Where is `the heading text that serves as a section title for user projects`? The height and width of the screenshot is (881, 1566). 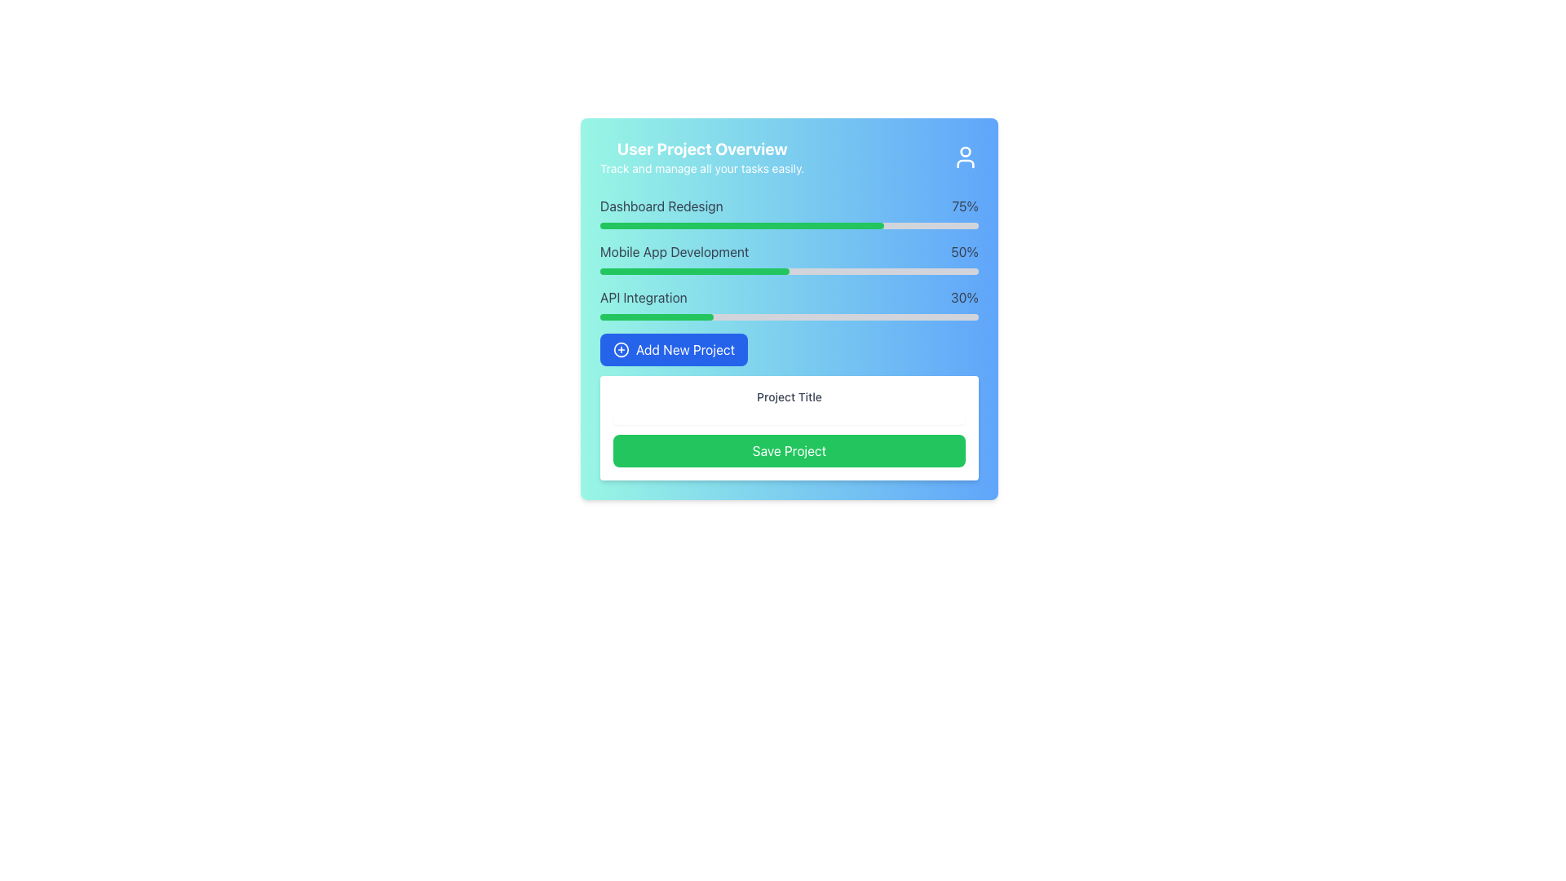
the heading text that serves as a section title for user projects is located at coordinates (702, 148).